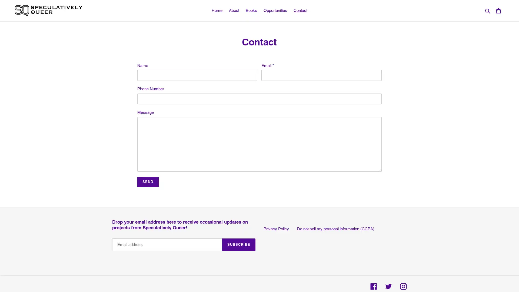 This screenshot has width=519, height=292. I want to click on SUBSCRIBE, so click(238, 245).